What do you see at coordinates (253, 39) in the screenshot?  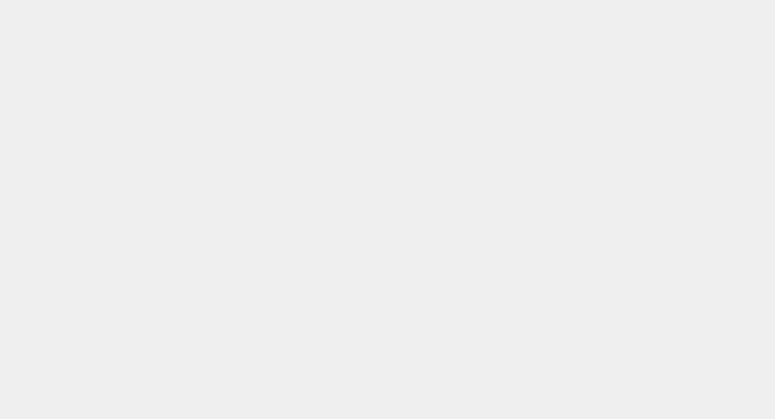 I see `'Products of the Week'` at bounding box center [253, 39].